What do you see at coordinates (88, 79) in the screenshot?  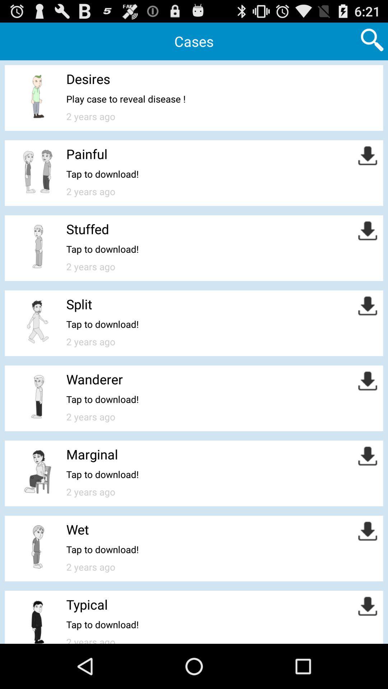 I see `desires icon` at bounding box center [88, 79].